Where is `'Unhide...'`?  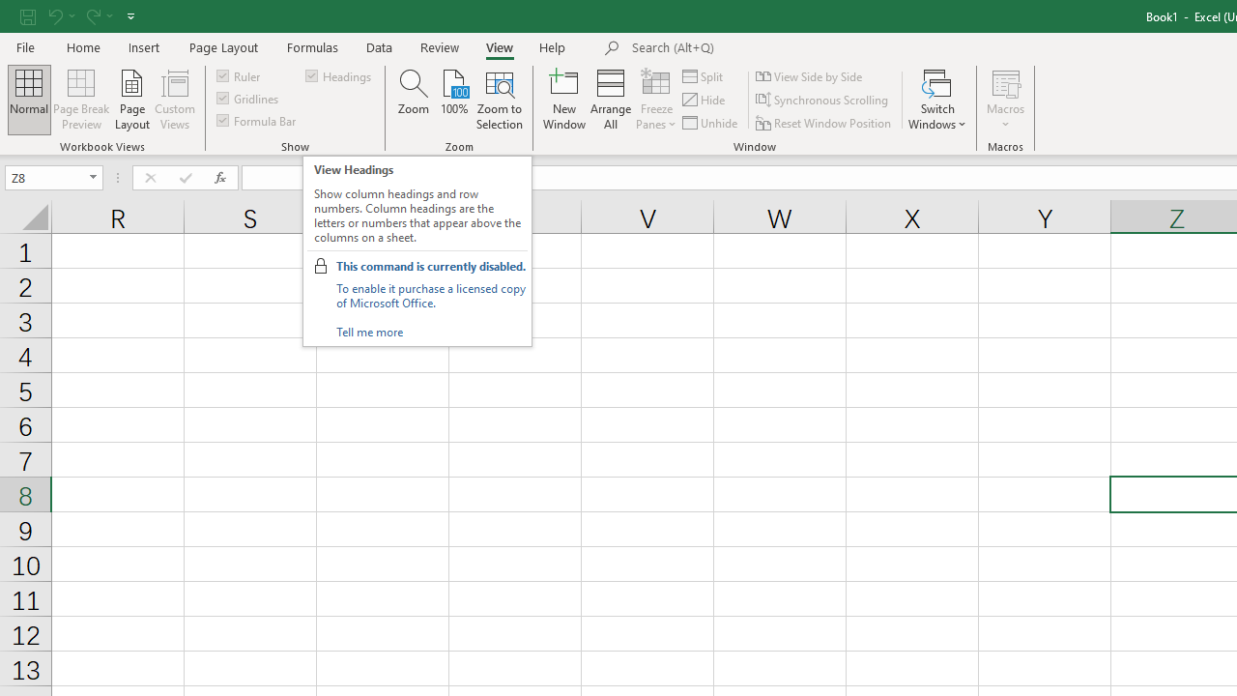
'Unhide...' is located at coordinates (710, 123).